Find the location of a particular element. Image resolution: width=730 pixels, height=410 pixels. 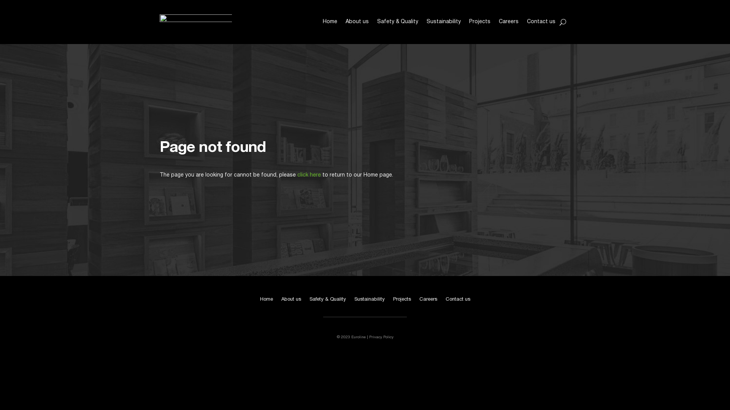

'Sustainability' is located at coordinates (369, 301).